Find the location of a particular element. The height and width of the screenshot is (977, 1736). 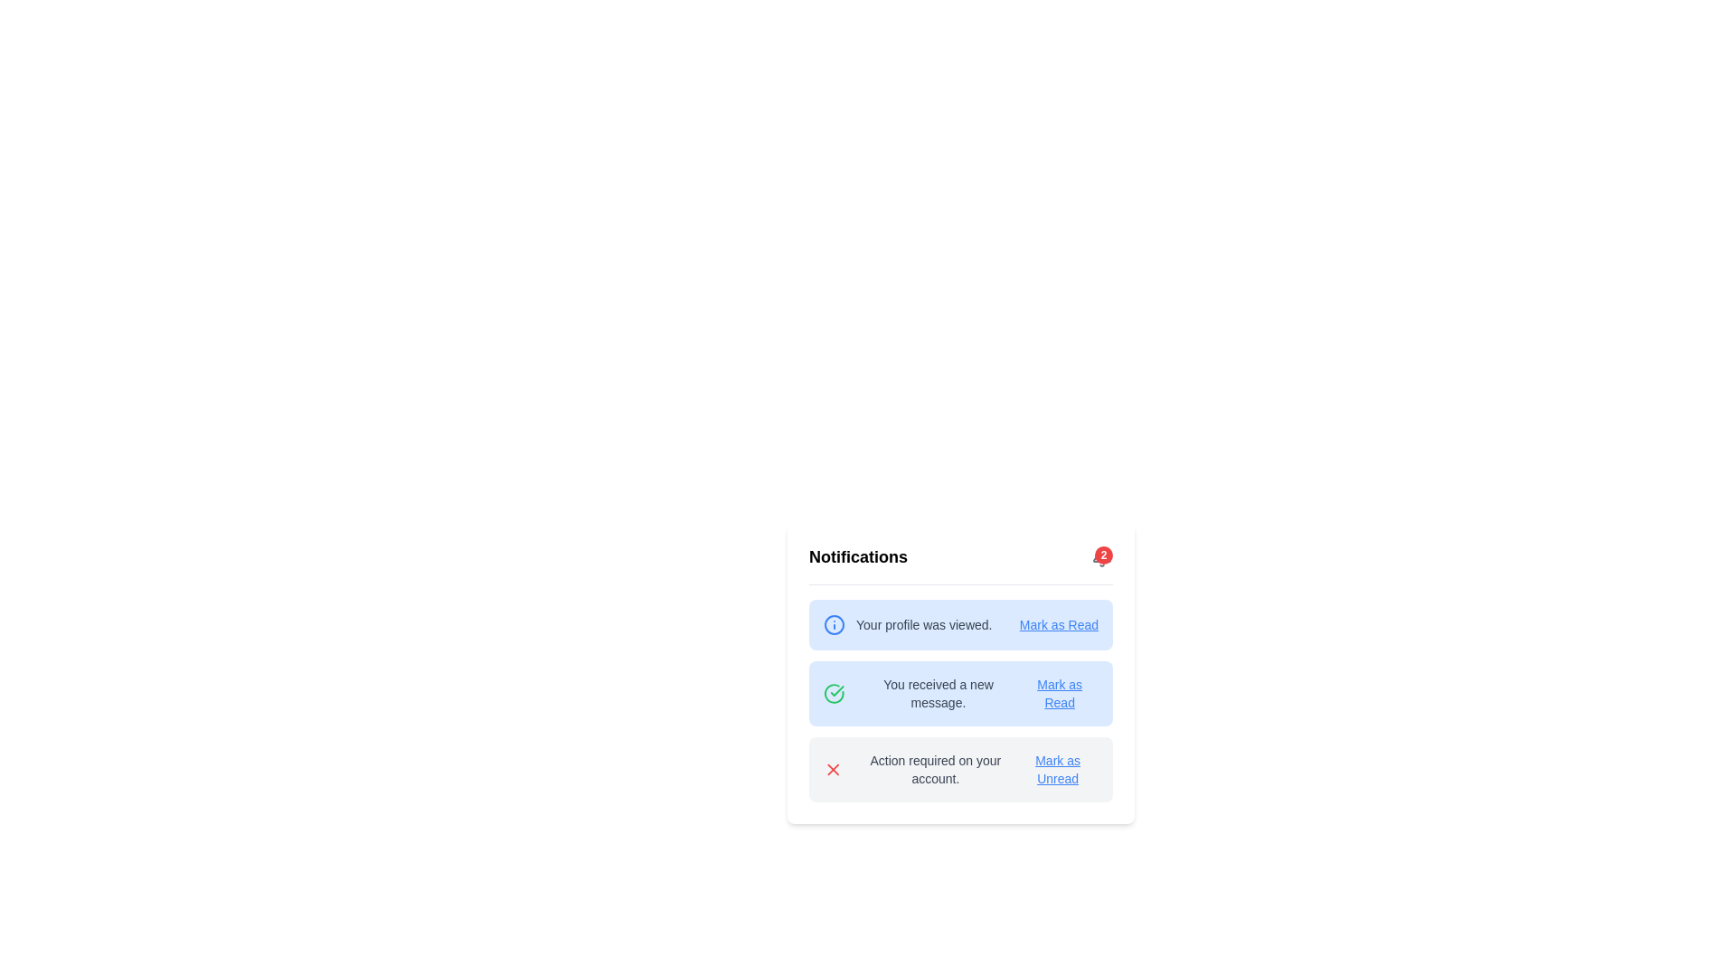

the error/warning icon located in the third row of the notification list, next to the 'Action required on your account' message is located at coordinates (832, 770).